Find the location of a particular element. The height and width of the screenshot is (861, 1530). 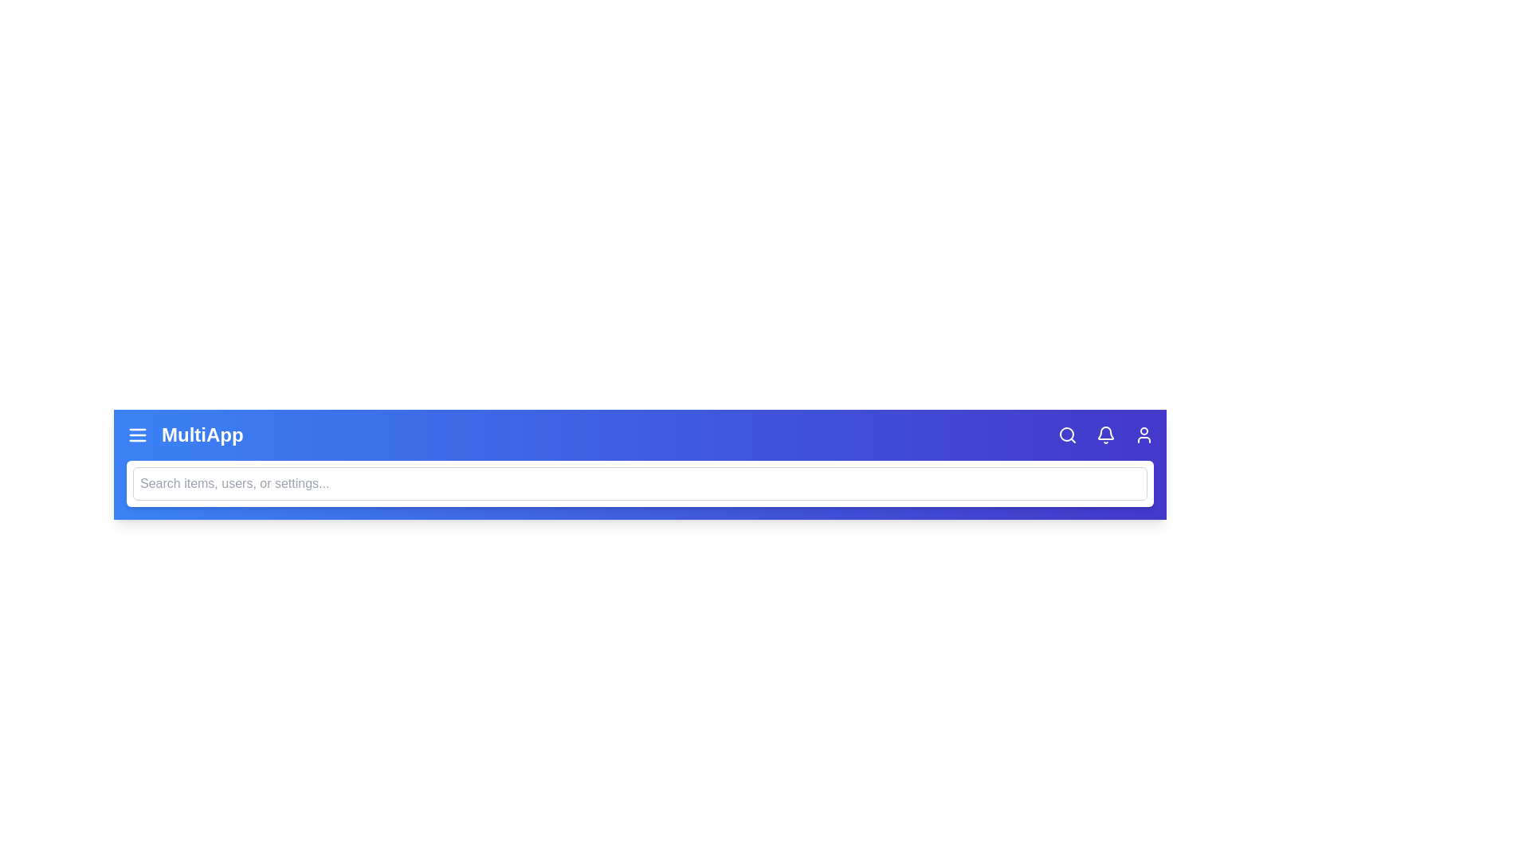

the user profile icon to open the user menu is located at coordinates (1143, 435).